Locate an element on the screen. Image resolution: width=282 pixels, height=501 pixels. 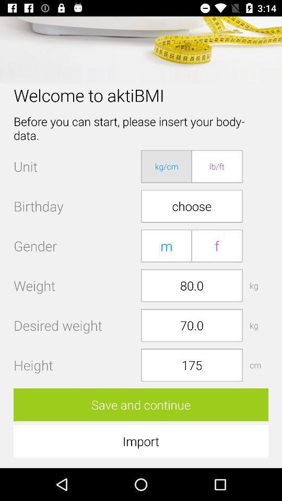
the icon to the right of height icon is located at coordinates (191, 365).